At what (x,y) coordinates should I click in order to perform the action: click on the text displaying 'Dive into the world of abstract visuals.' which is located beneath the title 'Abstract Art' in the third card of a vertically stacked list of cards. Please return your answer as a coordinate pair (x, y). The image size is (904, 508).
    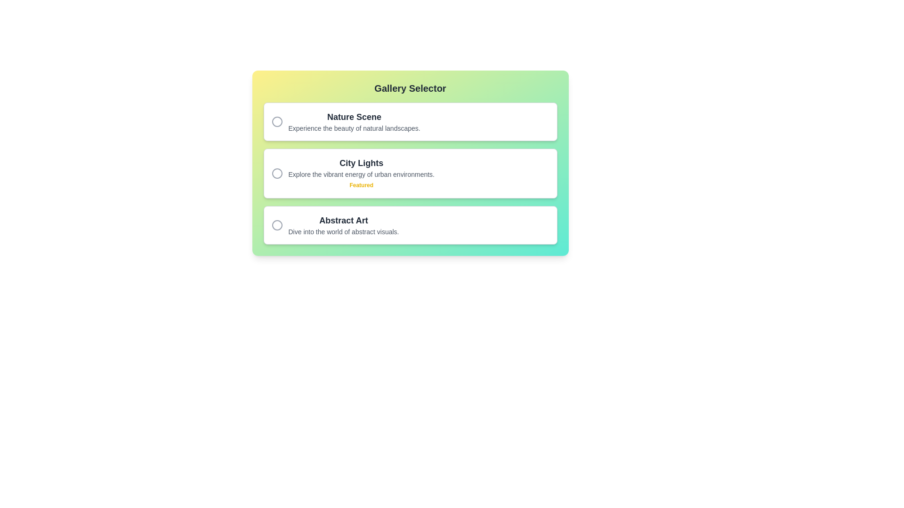
    Looking at the image, I should click on (343, 232).